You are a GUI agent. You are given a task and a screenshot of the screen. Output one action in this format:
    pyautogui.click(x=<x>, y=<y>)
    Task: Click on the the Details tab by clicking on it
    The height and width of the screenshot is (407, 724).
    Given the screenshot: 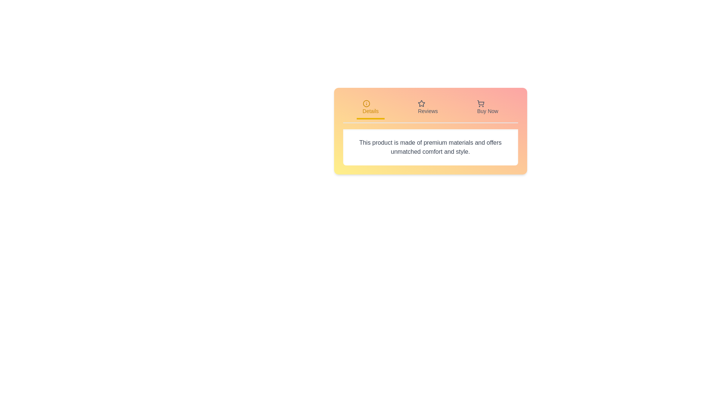 What is the action you would take?
    pyautogui.click(x=370, y=108)
    